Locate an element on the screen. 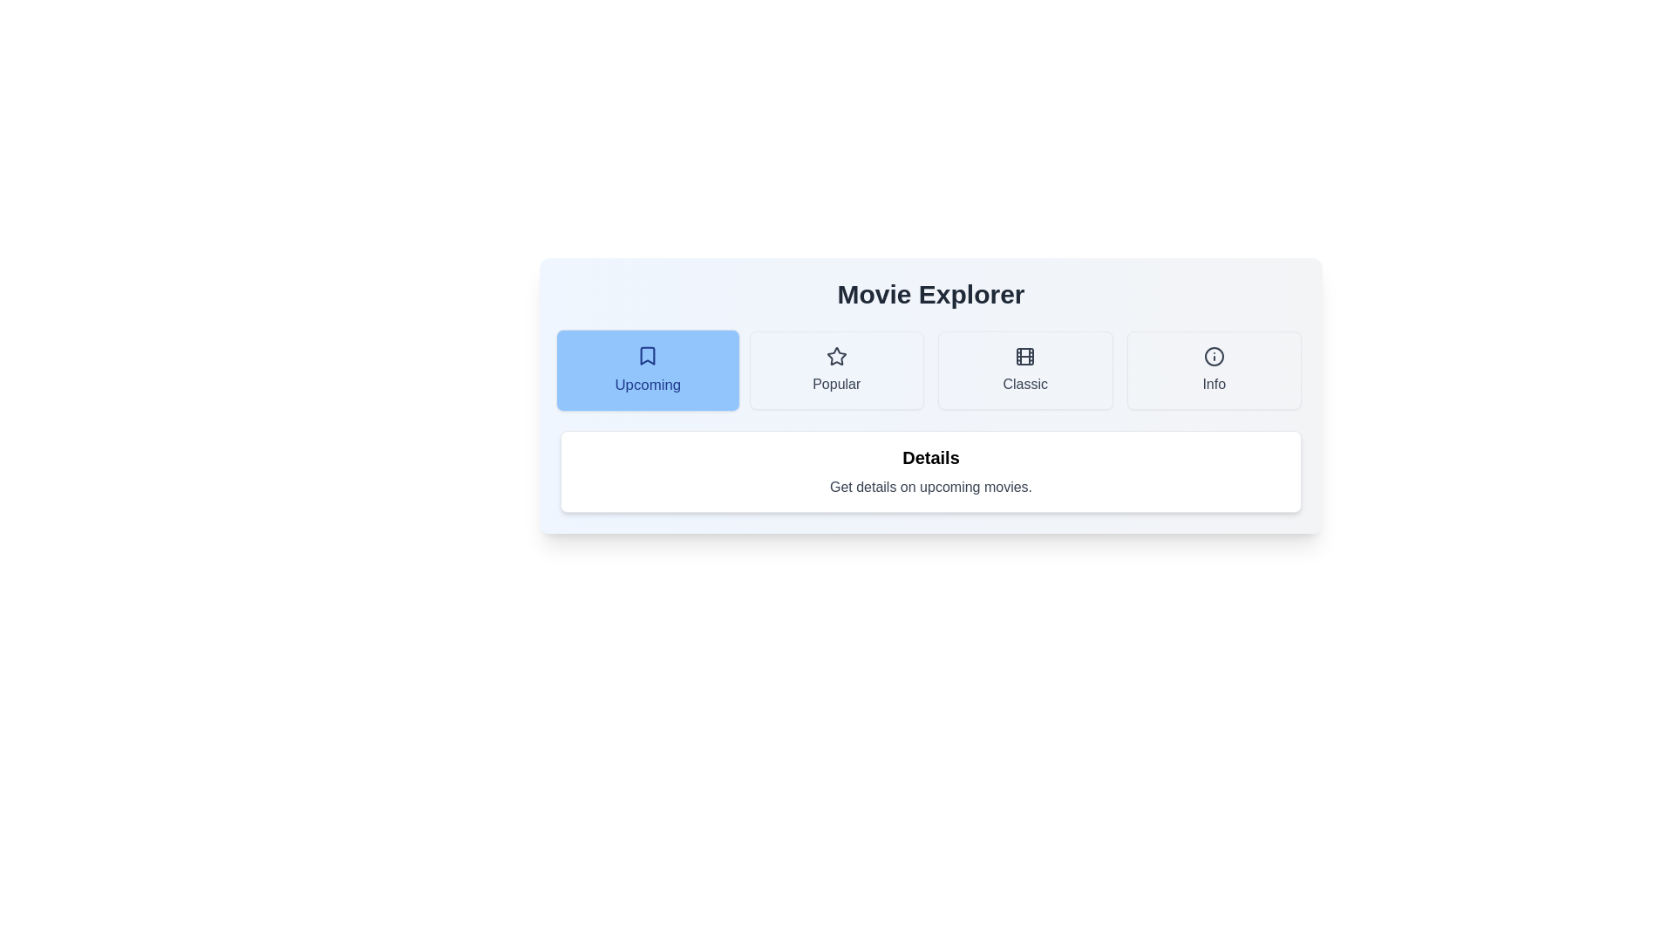 The width and height of the screenshot is (1674, 942). the 'Popular' button with a star icon in the grid layout beneath the title 'Movie Explorer' is located at coordinates (835, 369).